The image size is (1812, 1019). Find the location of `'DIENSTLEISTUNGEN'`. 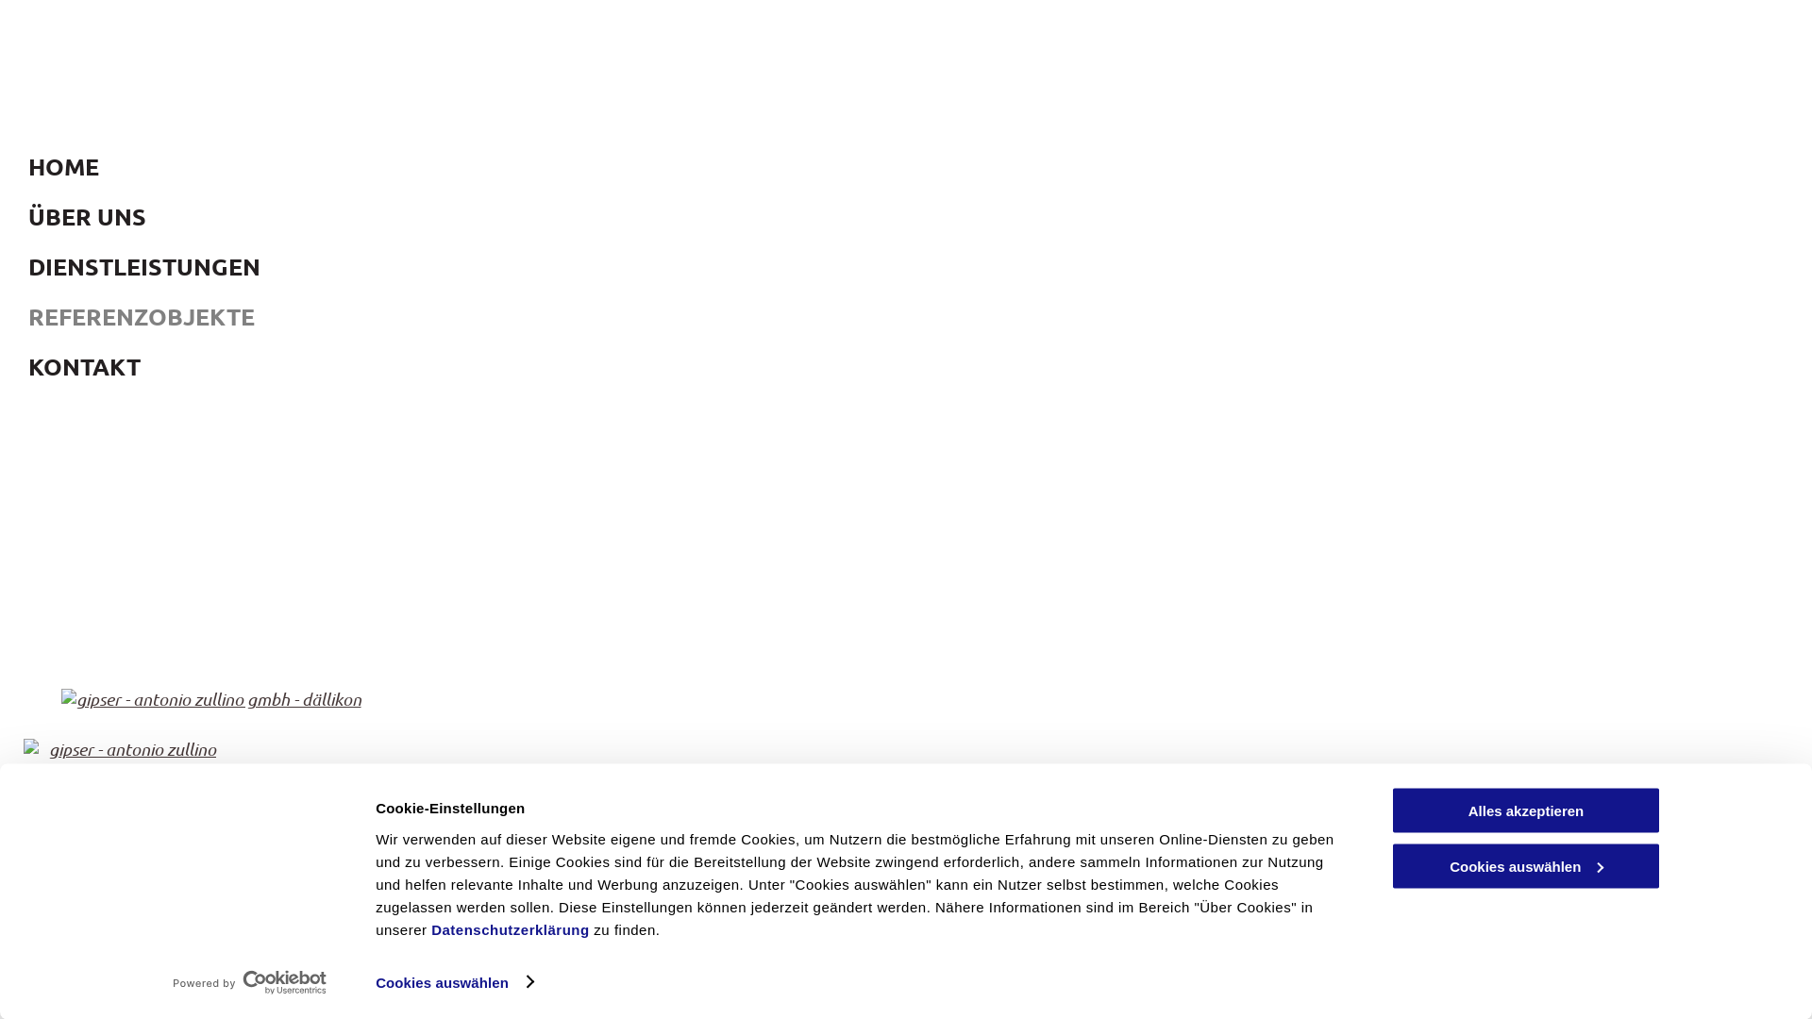

'DIENSTLEISTUNGEN' is located at coordinates (18, 266).